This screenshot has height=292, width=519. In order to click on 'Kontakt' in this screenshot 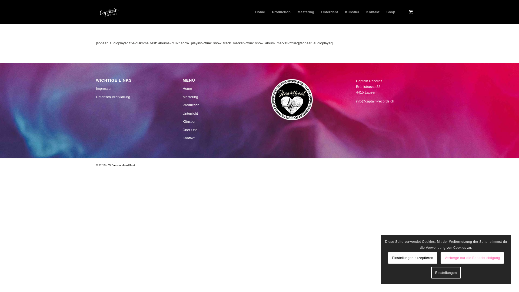, I will do `click(183, 138)`.